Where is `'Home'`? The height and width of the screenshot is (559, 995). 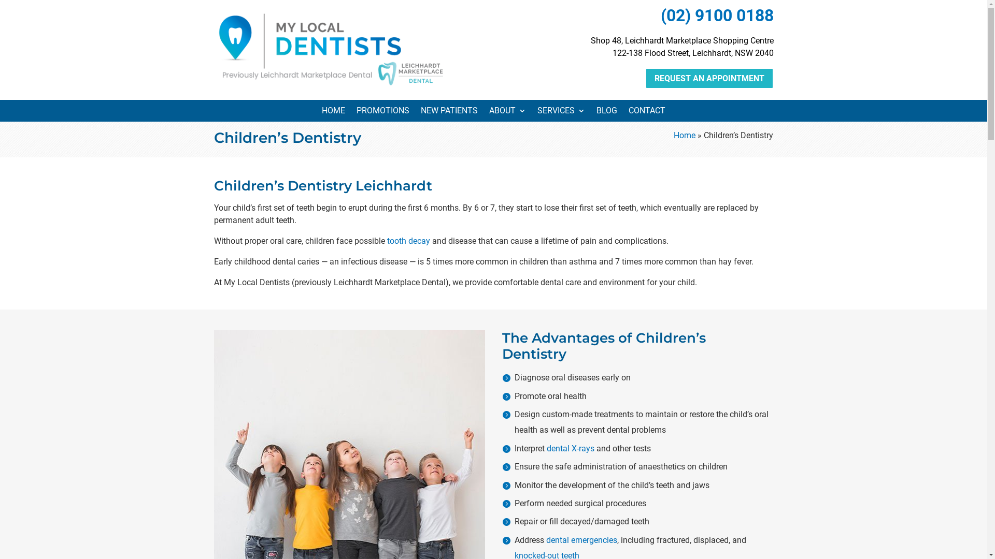 'Home' is located at coordinates (684, 135).